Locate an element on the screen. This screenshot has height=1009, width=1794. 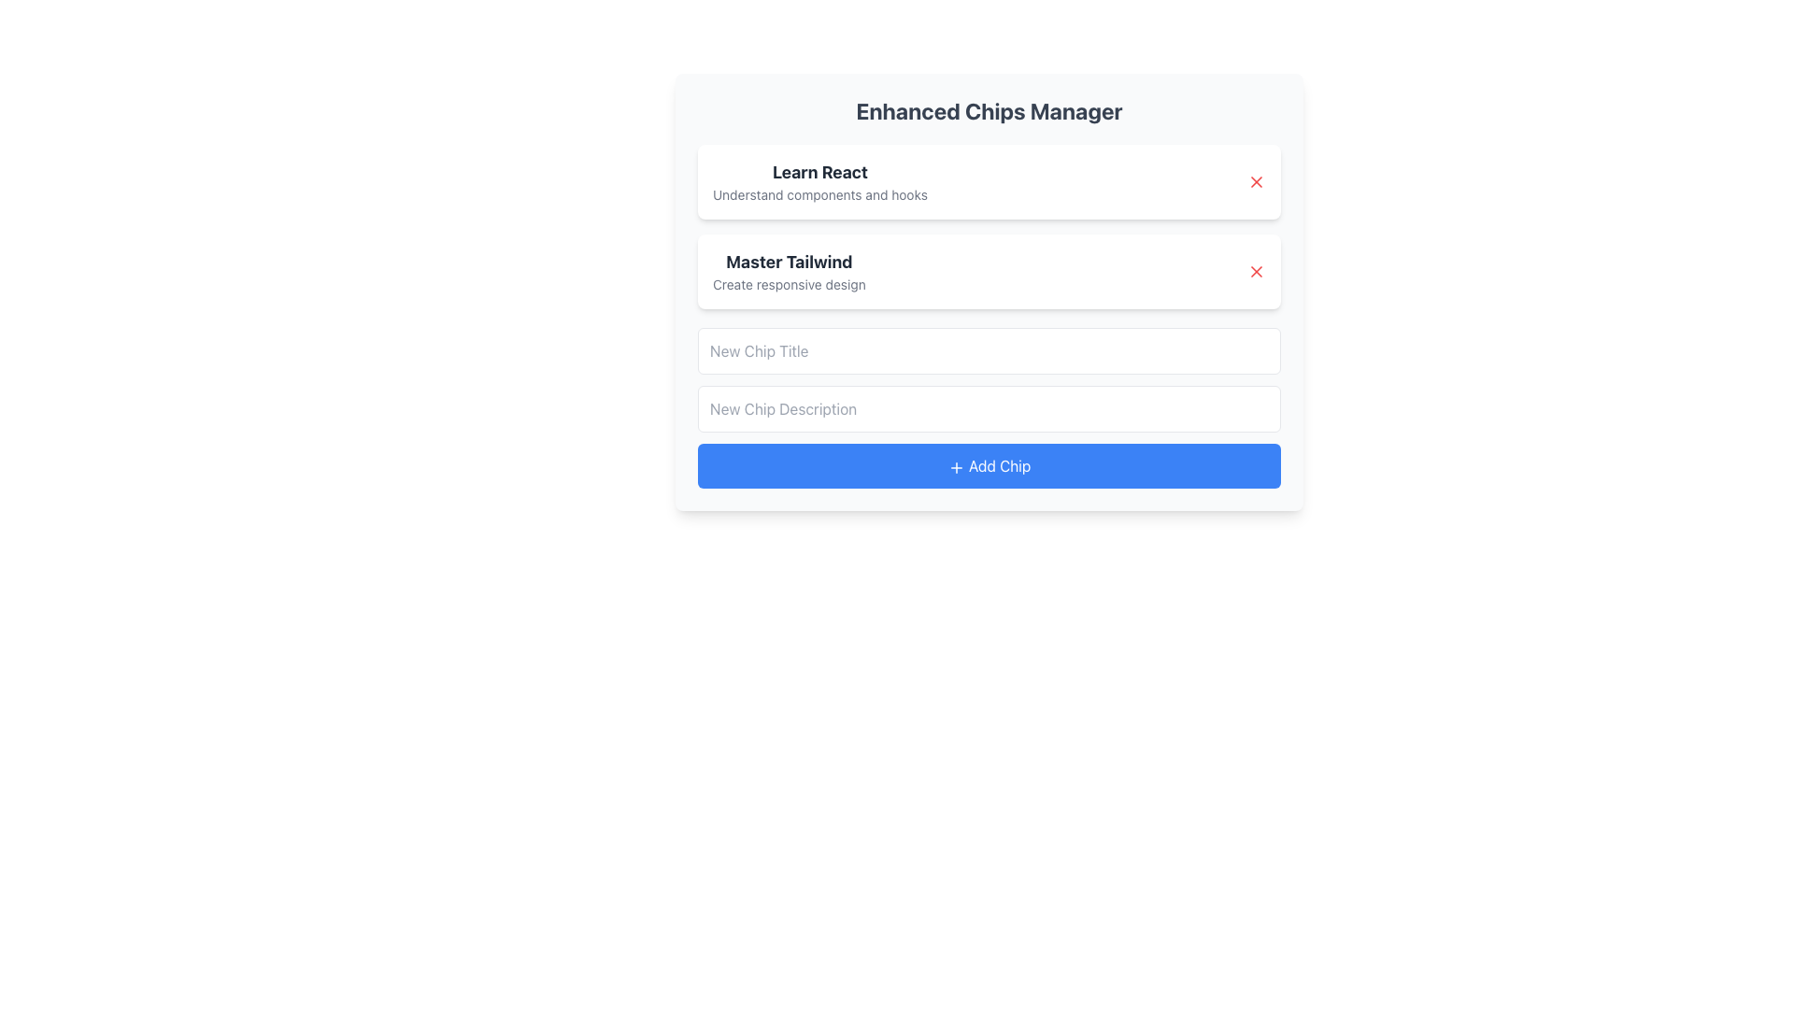
the text block titled 'Master Tailwind' which contains the subtitle 'Create responsive design' for accessibility tools is located at coordinates (789, 271).